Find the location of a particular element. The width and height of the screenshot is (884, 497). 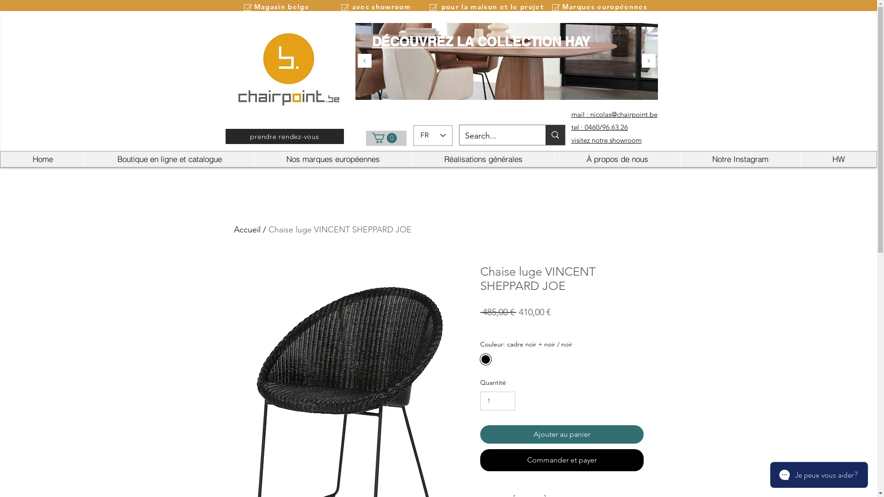

'Ajouter au panier' is located at coordinates (561, 434).